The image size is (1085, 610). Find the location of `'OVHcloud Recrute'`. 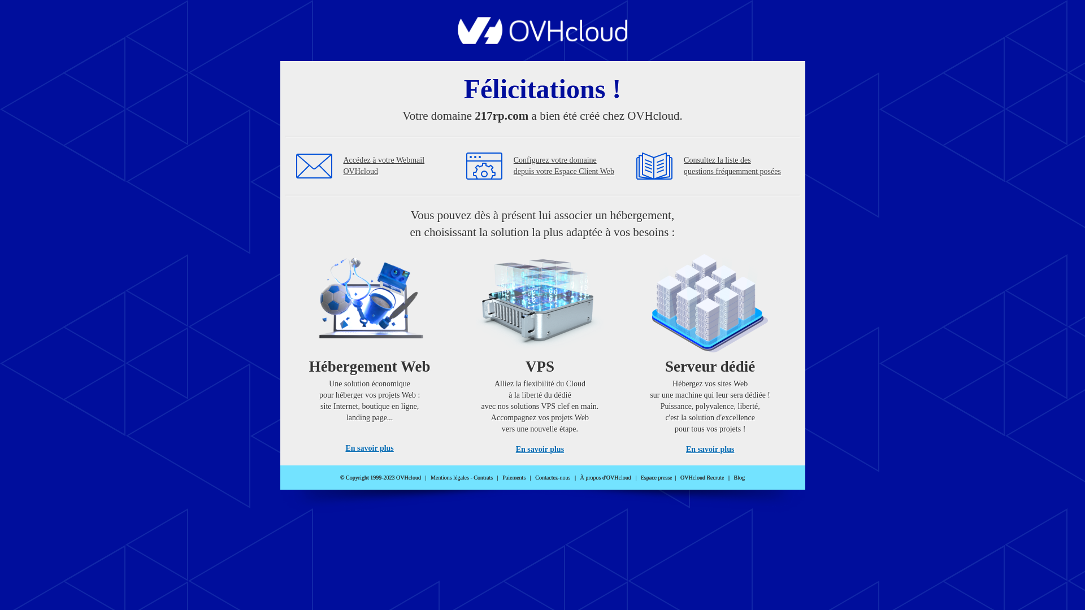

'OVHcloud Recrute' is located at coordinates (701, 477).